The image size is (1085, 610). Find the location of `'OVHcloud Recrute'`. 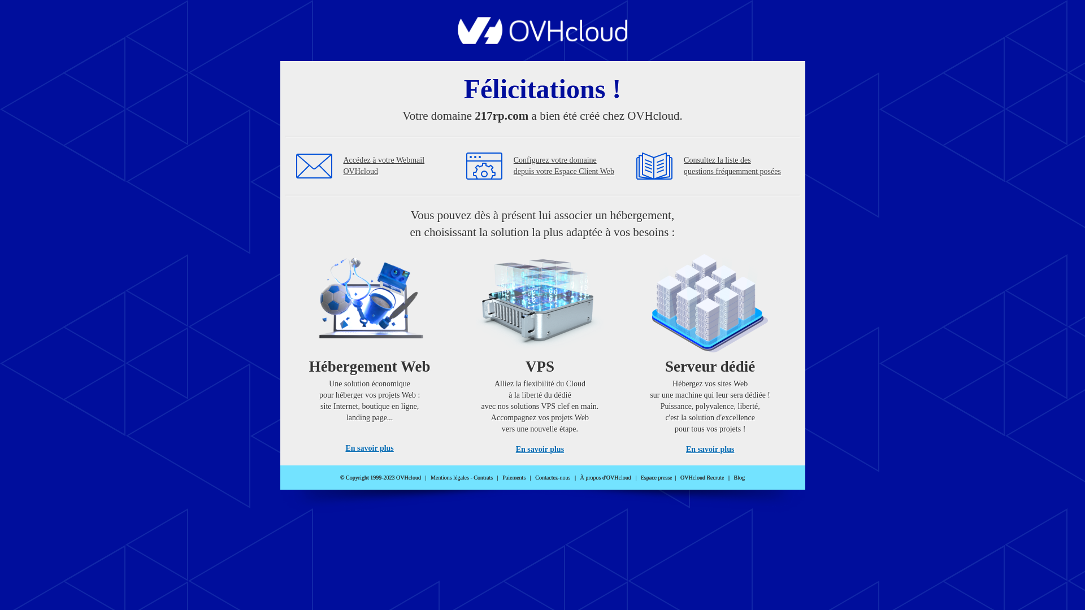

'OVHcloud Recrute' is located at coordinates (701, 477).